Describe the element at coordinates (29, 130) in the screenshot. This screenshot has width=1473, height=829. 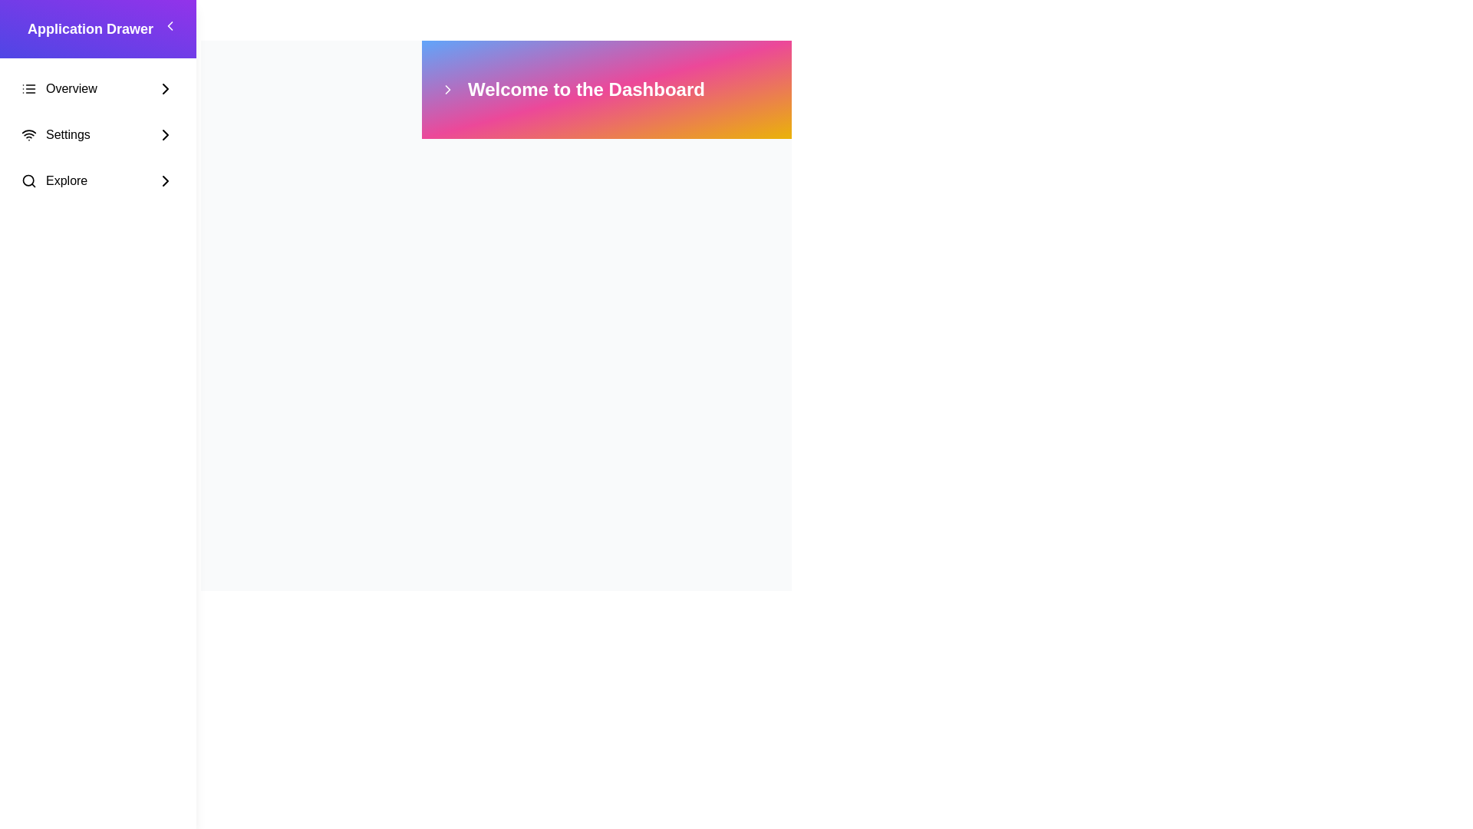
I see `the Wi-Fi icon representing network settings, located next to the text 'Settings' in the sidebar menu` at that location.